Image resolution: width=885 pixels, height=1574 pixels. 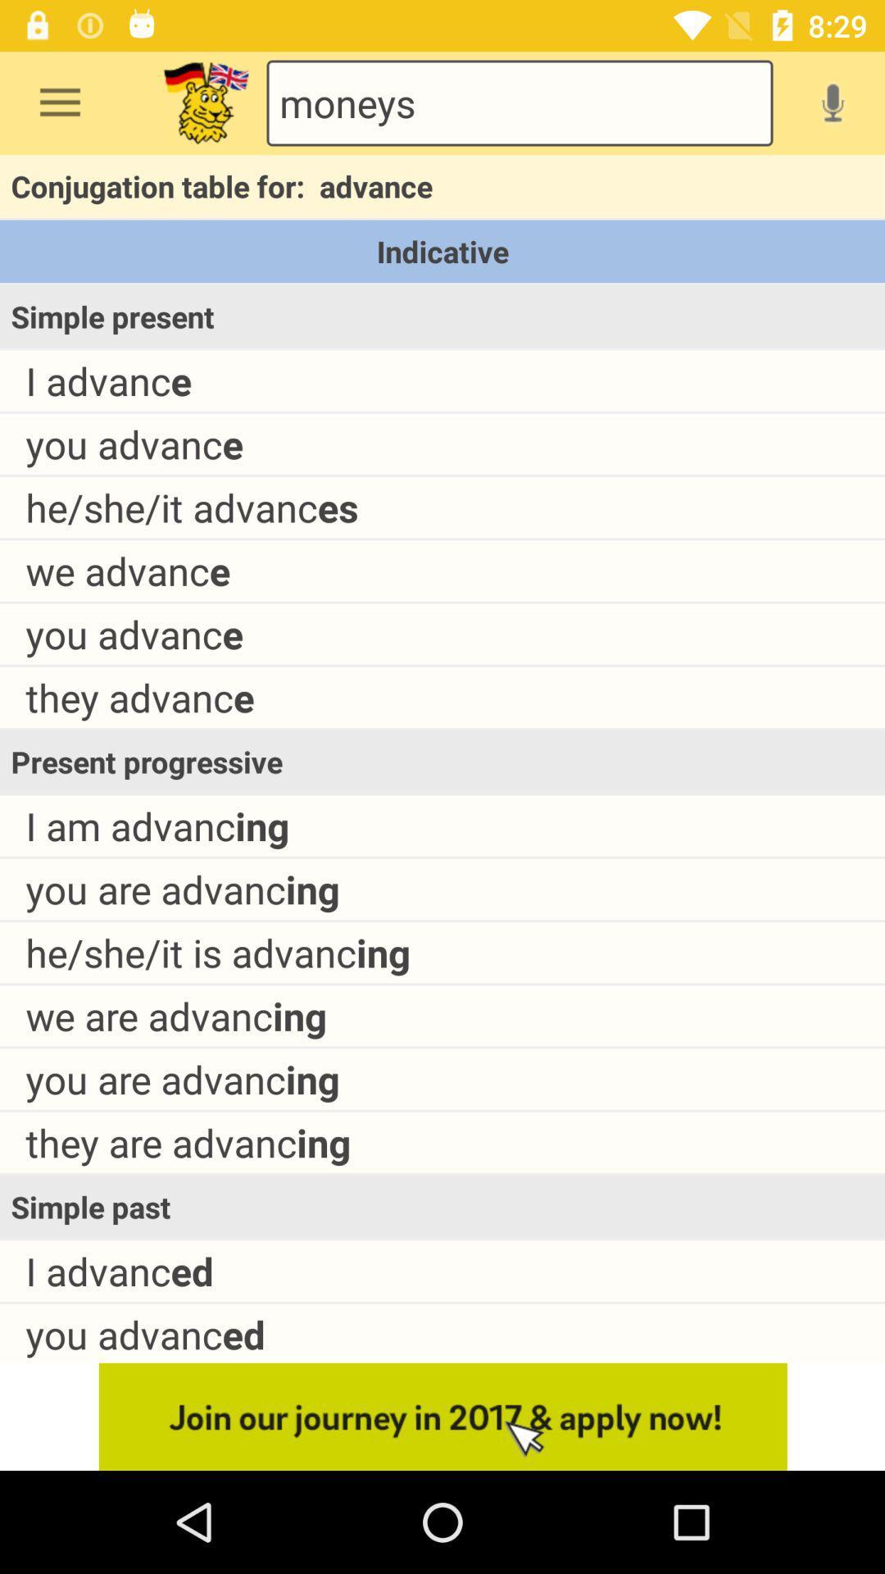 What do you see at coordinates (833, 102) in the screenshot?
I see `enable voice search` at bounding box center [833, 102].